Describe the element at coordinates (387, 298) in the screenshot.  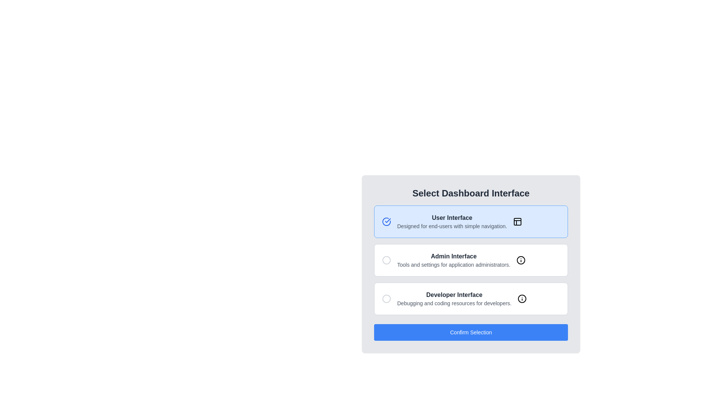
I see `the center of the decorative circle icon resembling a radio button` at that location.